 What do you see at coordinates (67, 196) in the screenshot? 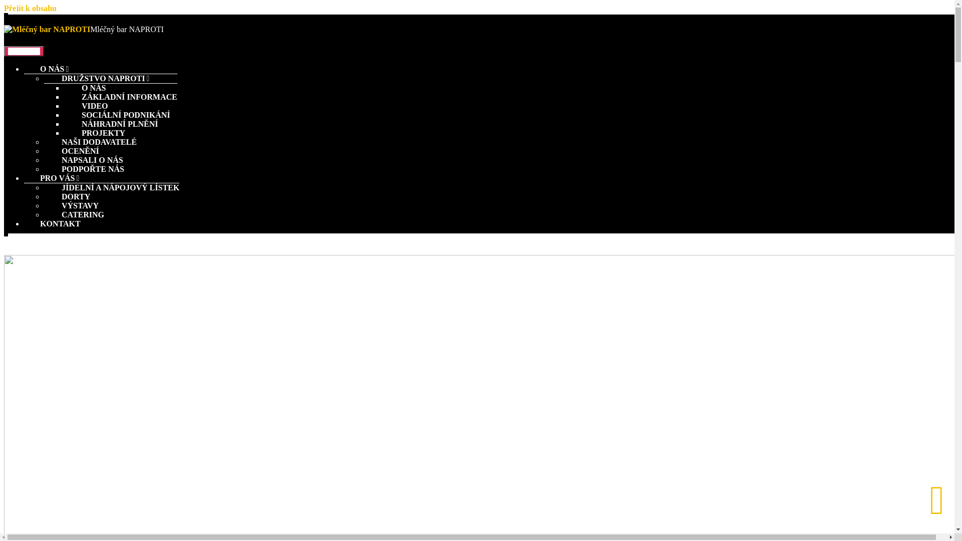
I see `'DORTY'` at bounding box center [67, 196].